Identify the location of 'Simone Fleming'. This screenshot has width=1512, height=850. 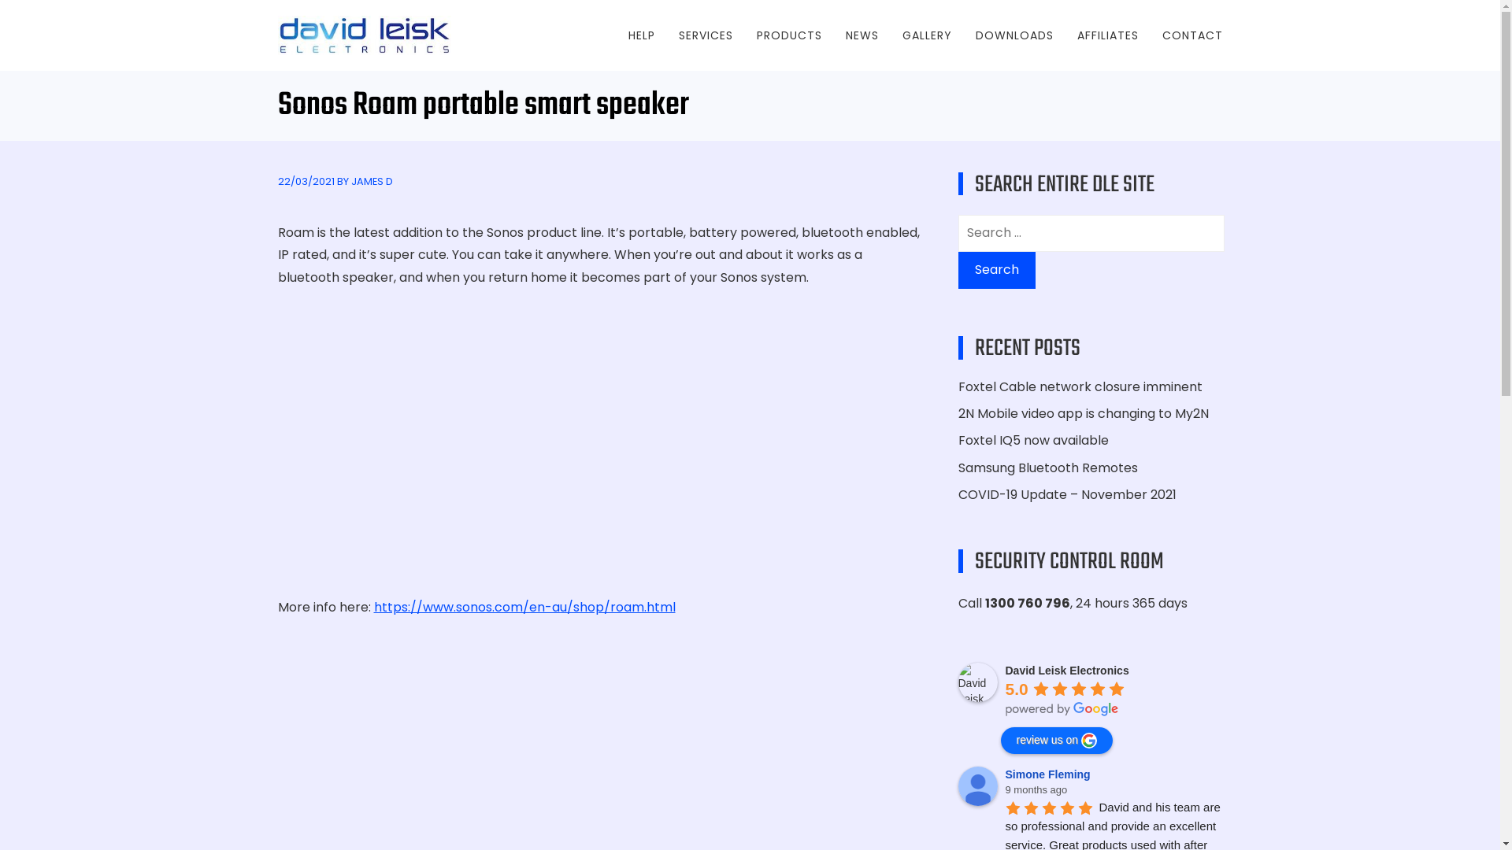
(976, 786).